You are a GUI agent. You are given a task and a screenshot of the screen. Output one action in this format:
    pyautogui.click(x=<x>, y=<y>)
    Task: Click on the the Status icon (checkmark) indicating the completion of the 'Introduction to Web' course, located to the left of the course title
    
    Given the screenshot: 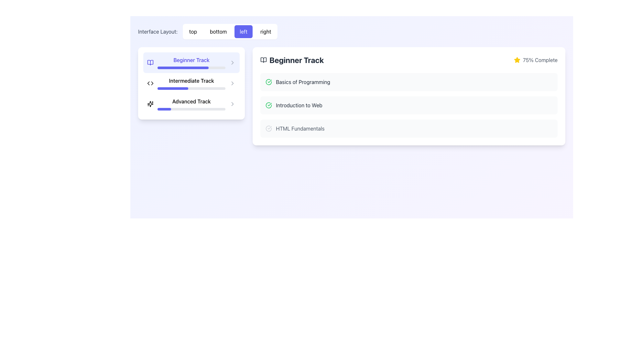 What is the action you would take?
    pyautogui.click(x=269, y=105)
    